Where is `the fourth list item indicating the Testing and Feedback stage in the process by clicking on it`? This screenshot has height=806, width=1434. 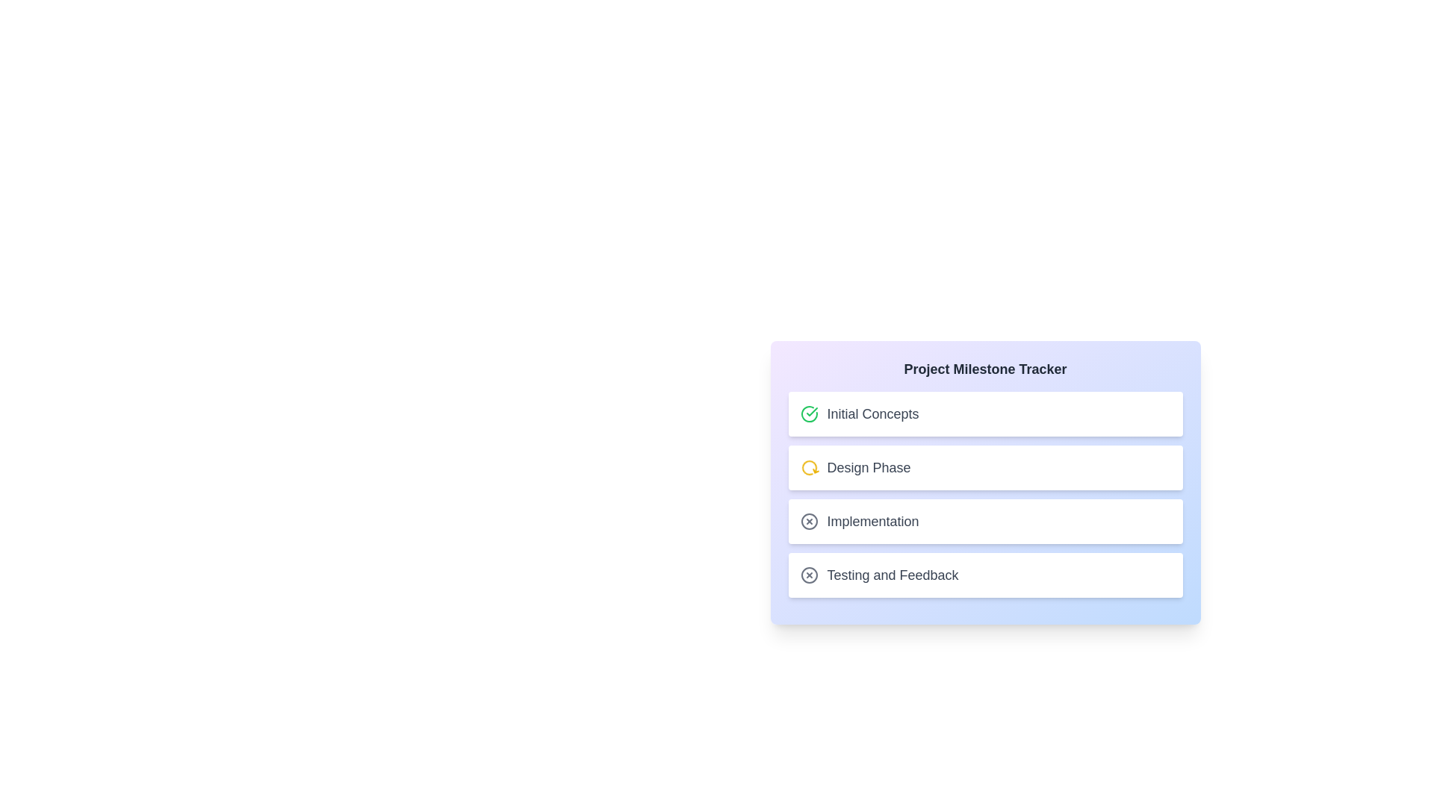 the fourth list item indicating the Testing and Feedback stage in the process by clicking on it is located at coordinates (985, 575).